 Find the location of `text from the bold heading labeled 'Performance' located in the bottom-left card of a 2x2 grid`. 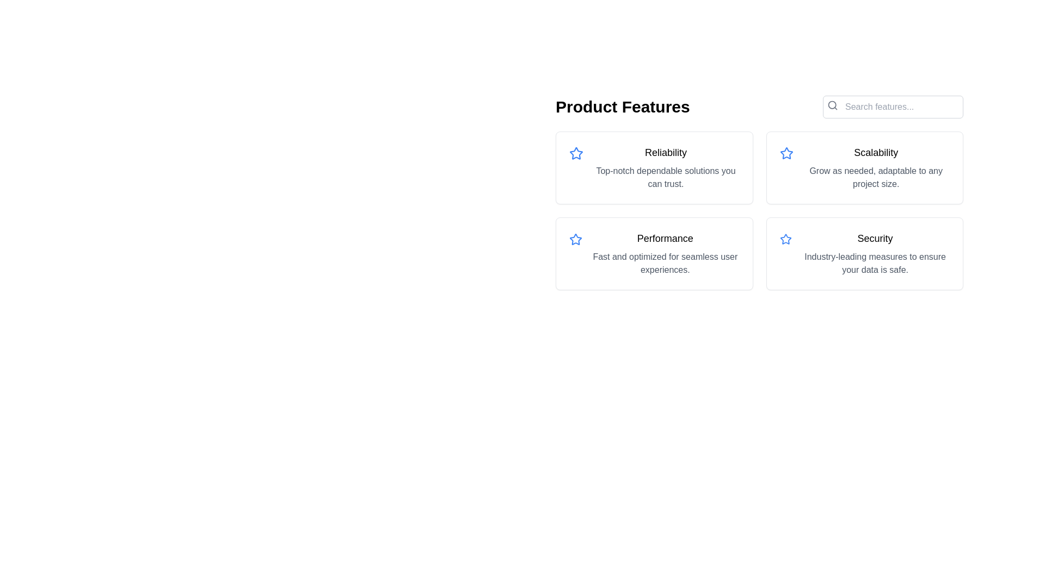

text from the bold heading labeled 'Performance' located in the bottom-left card of a 2x2 grid is located at coordinates (665, 238).